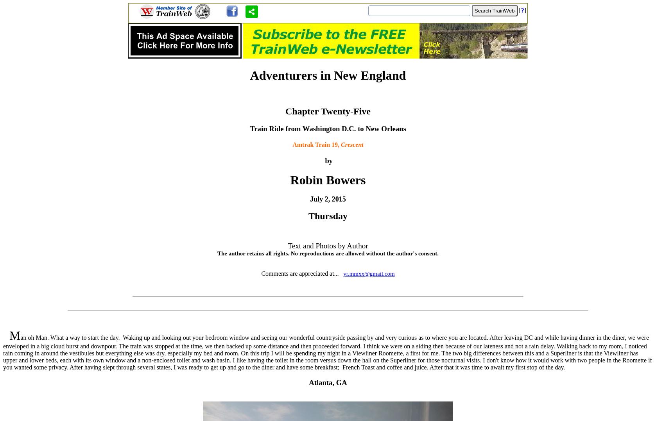  What do you see at coordinates (307, 215) in the screenshot?
I see `'Thursday'` at bounding box center [307, 215].